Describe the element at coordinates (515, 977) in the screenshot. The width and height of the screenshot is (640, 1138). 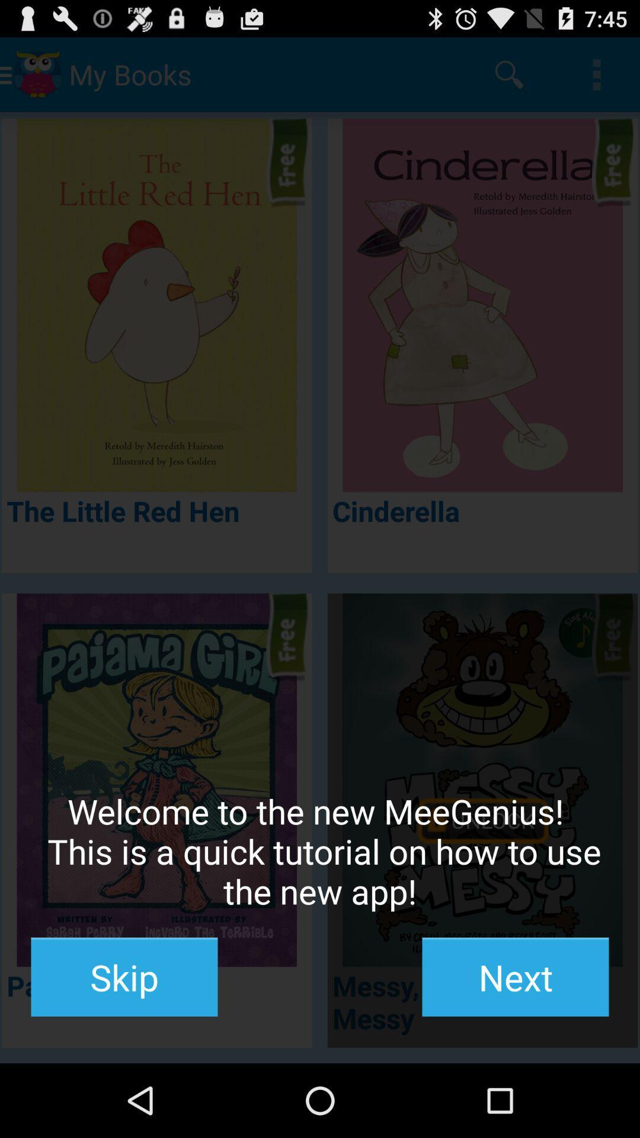
I see `app below the welcome to the app` at that location.